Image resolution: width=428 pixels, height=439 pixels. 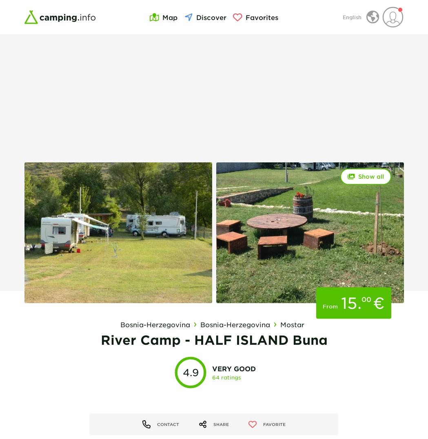 I want to click on '15', so click(x=349, y=302).